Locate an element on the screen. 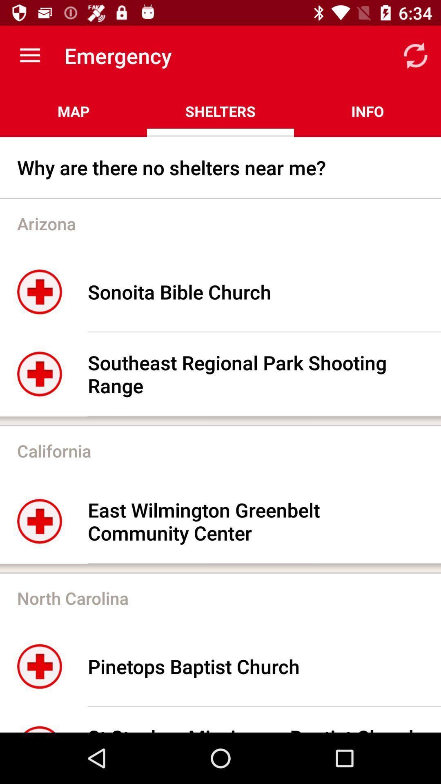 The height and width of the screenshot is (784, 441). the app to the left of the shelters app is located at coordinates (73, 111).